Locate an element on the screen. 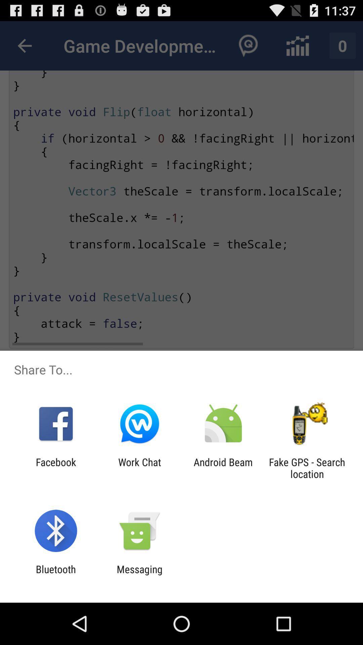 This screenshot has height=645, width=363. fake gps search item is located at coordinates (307, 468).